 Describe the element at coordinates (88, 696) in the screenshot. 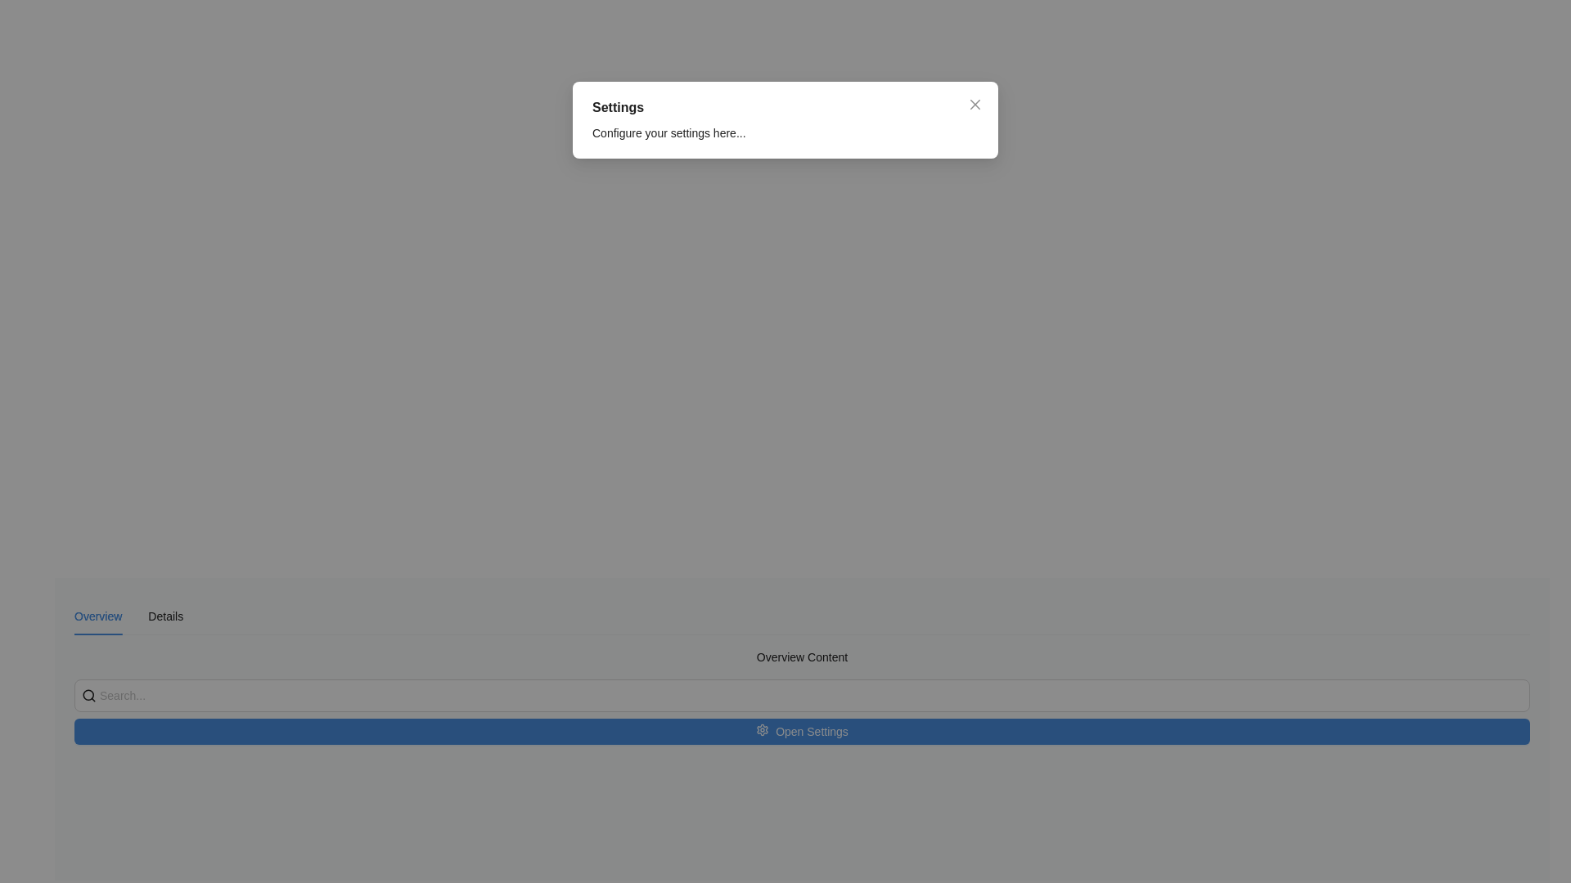

I see `the circular search icon with a magnifying glass design located at the far left inside the rectangular input field` at that location.